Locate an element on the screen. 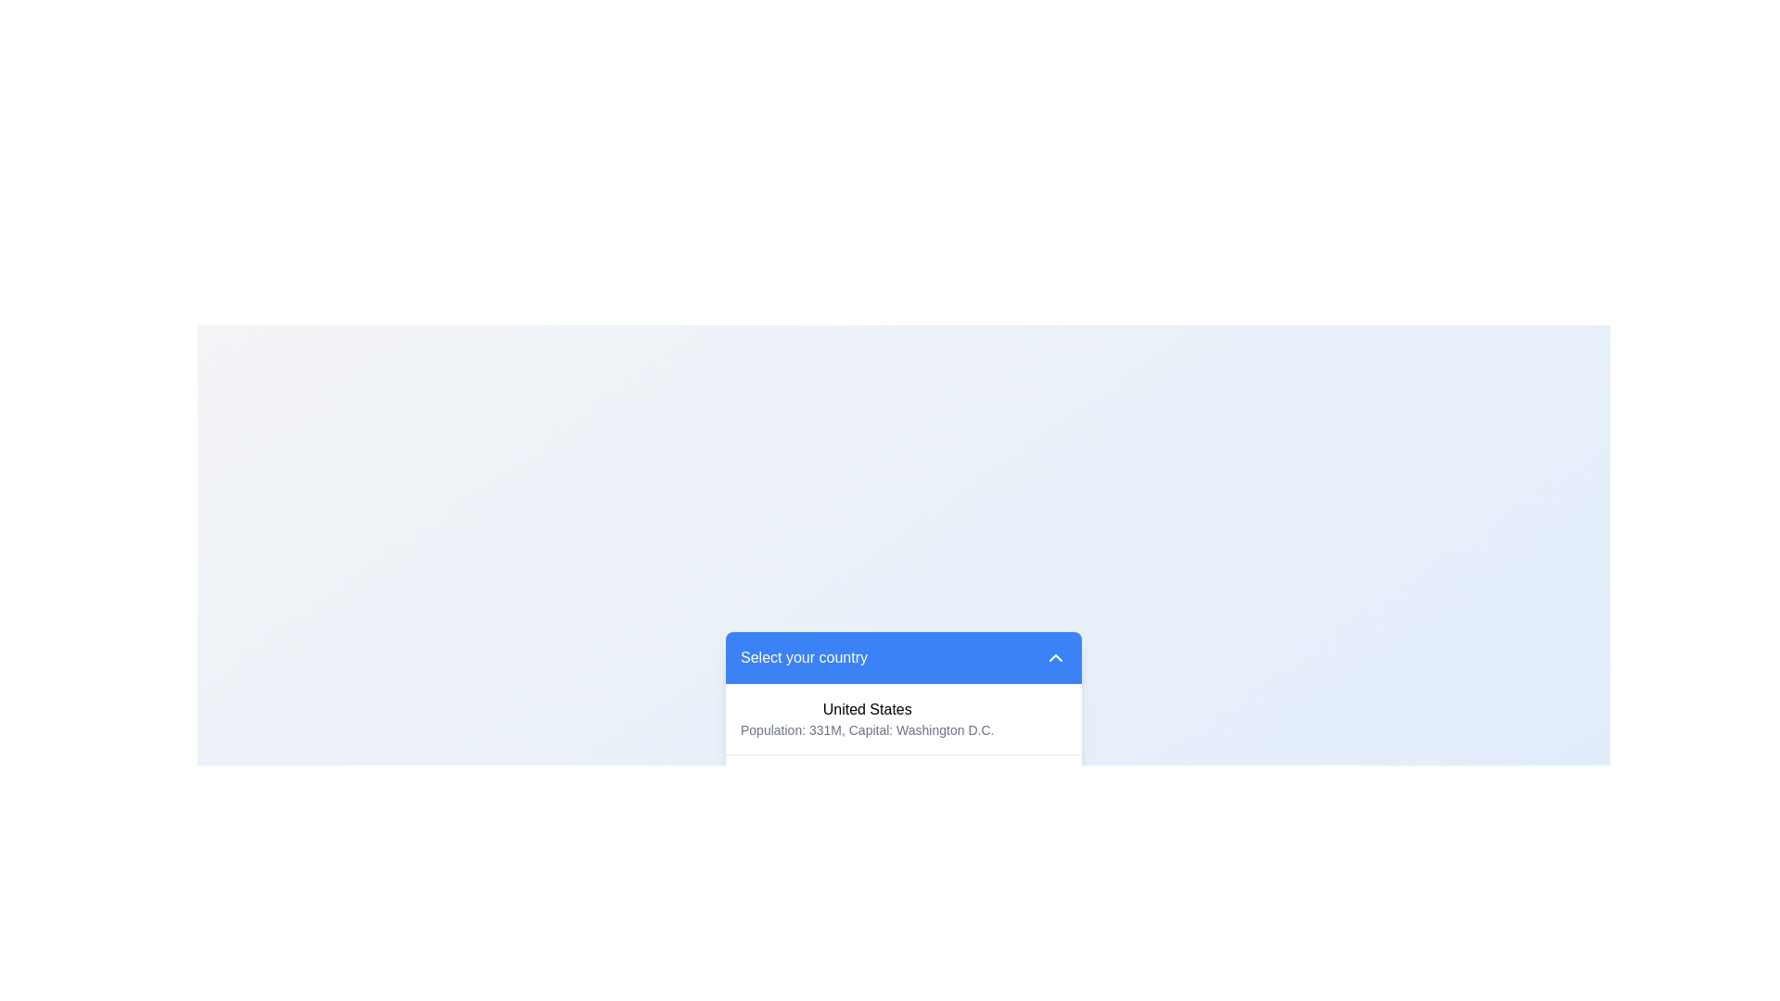 The height and width of the screenshot is (1001, 1780). the text label displaying 'Population: 331M, Capital: Washington D.C.' which is located below the title 'United States' within the dropdown section titled 'Select your country' is located at coordinates (866, 729).